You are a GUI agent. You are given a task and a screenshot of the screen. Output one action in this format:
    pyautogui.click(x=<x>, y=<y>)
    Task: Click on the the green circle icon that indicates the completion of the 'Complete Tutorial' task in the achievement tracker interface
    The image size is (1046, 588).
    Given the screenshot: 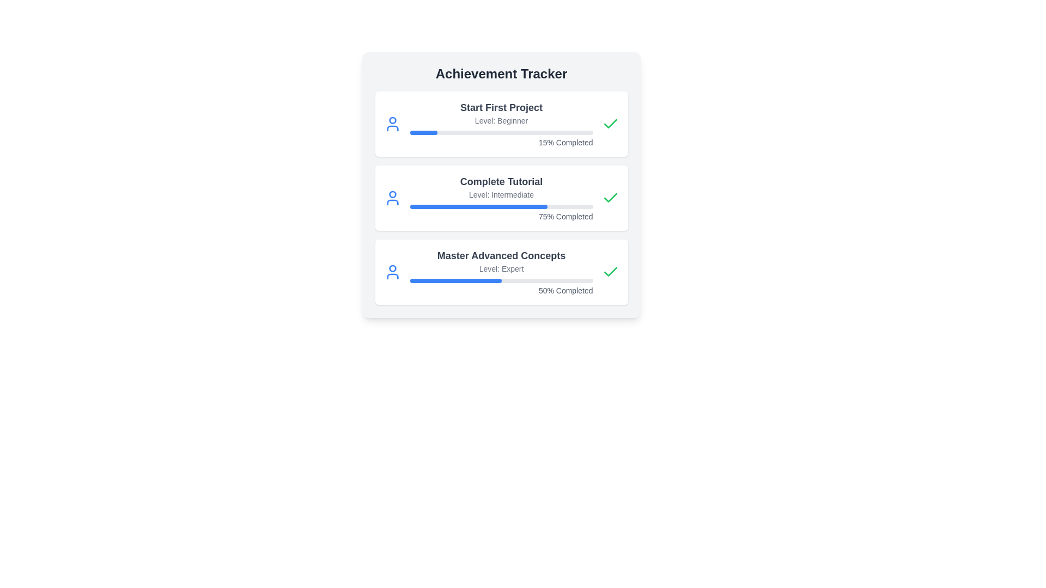 What is the action you would take?
    pyautogui.click(x=610, y=198)
    